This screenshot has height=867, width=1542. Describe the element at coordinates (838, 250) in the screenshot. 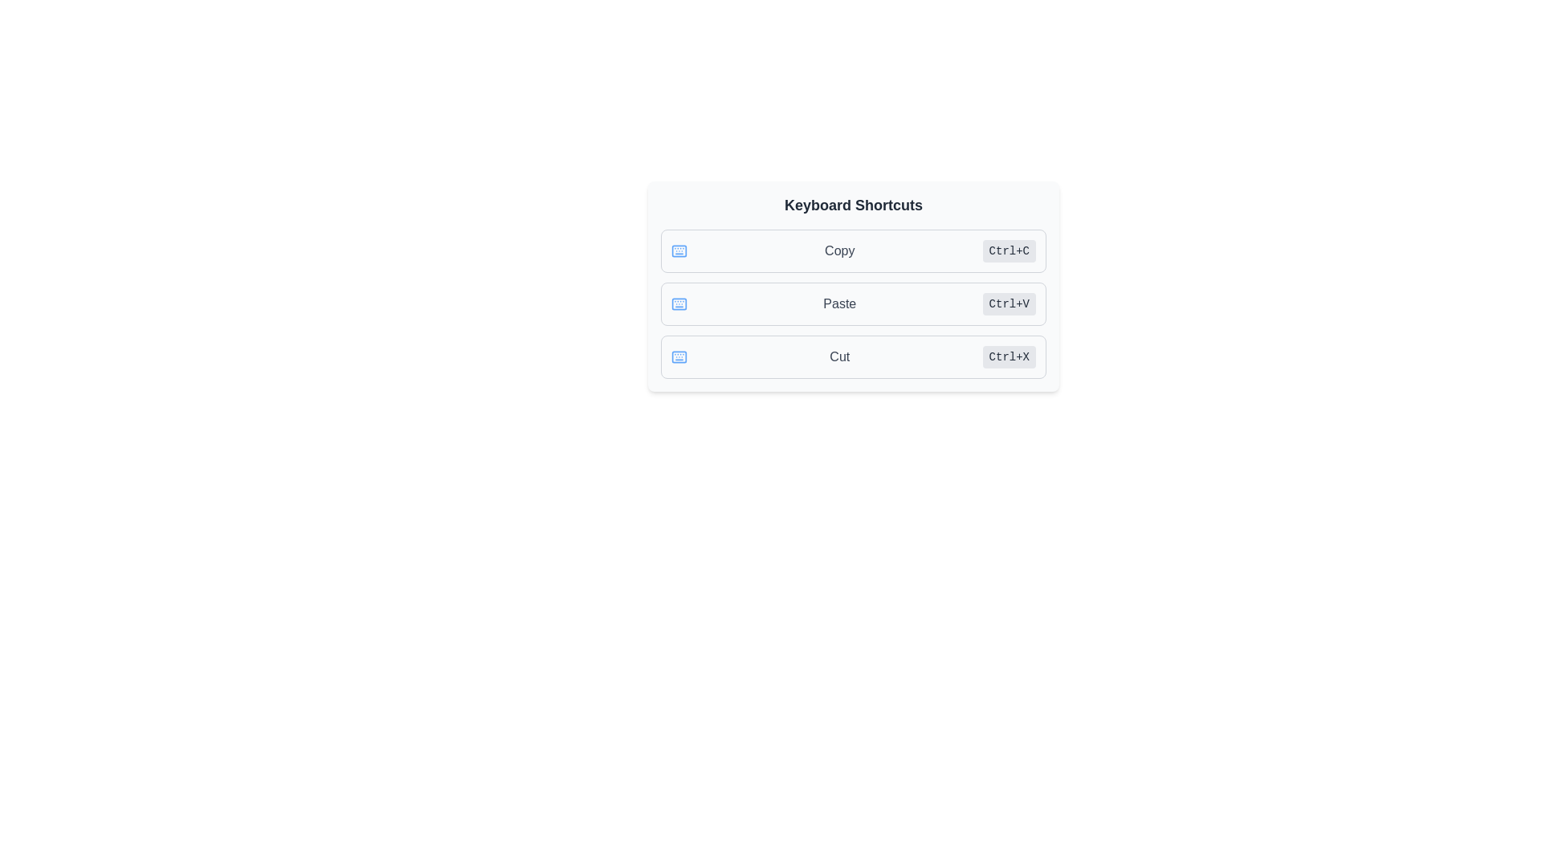

I see `the Text label indicating the action associated with the displayed shortcut keys, positioned between a blue keyboard icon and the shortcut keys 'Ctrl+C'` at that location.